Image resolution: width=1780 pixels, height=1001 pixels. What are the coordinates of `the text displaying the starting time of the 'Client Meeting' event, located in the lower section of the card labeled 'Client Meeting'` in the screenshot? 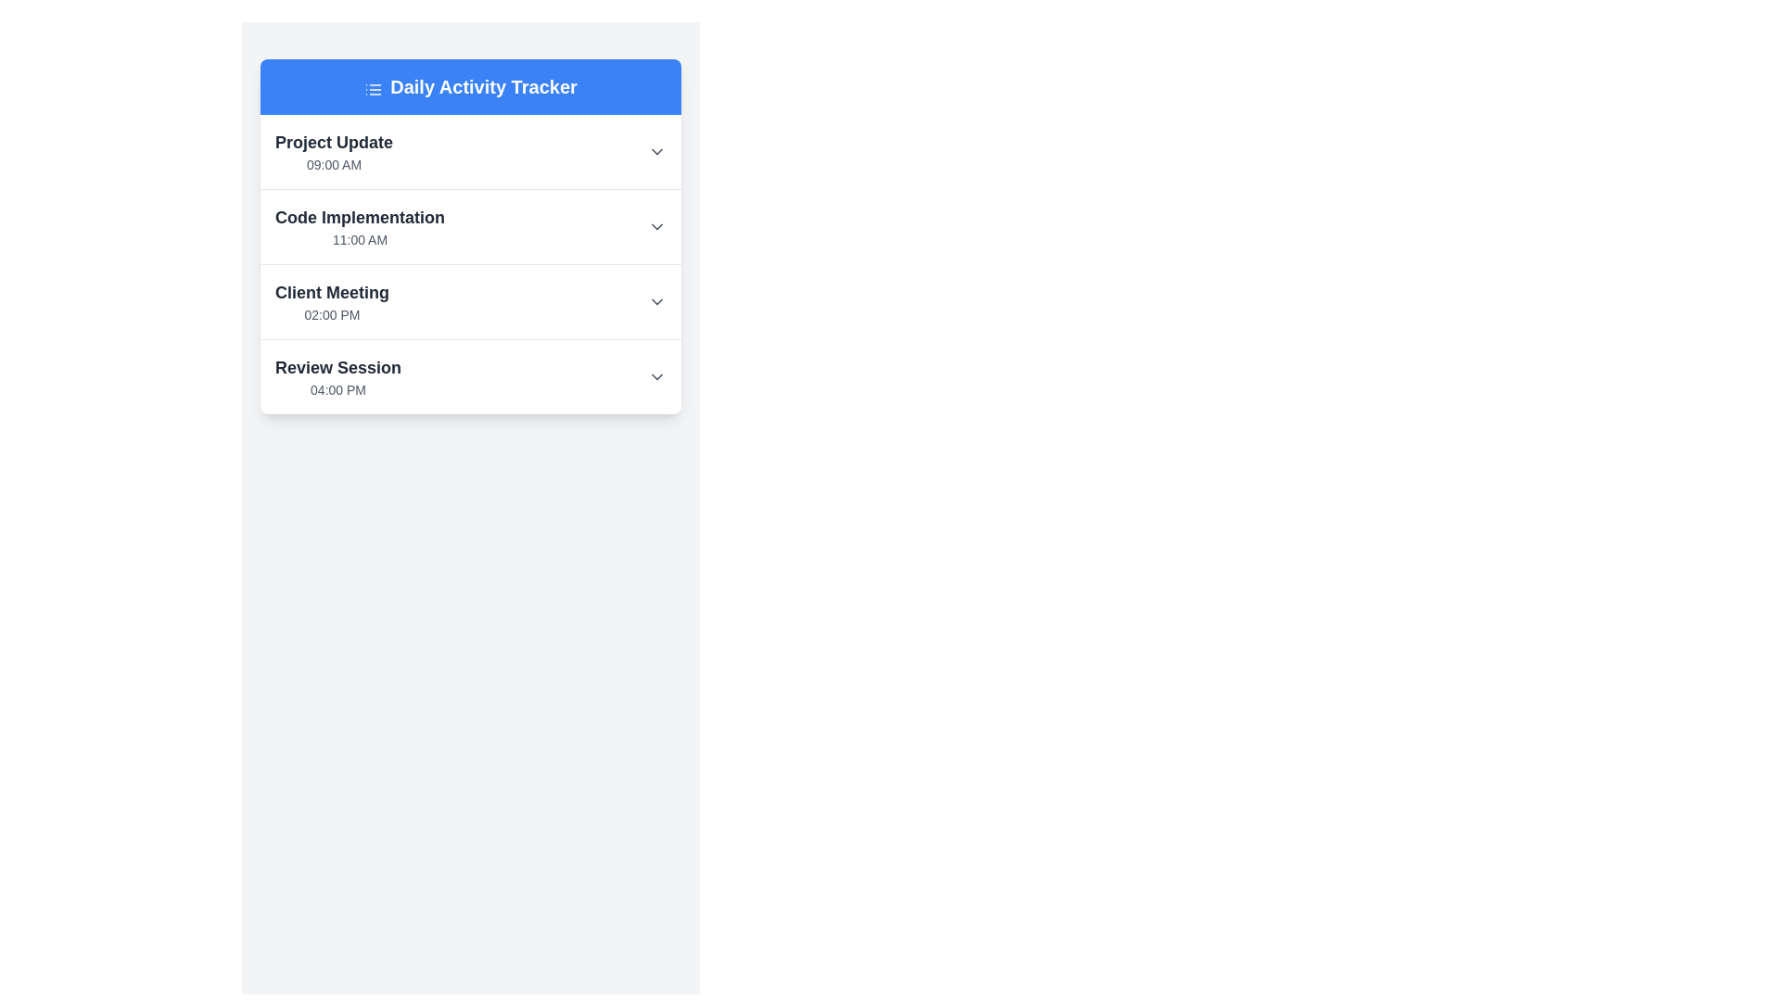 It's located at (332, 313).